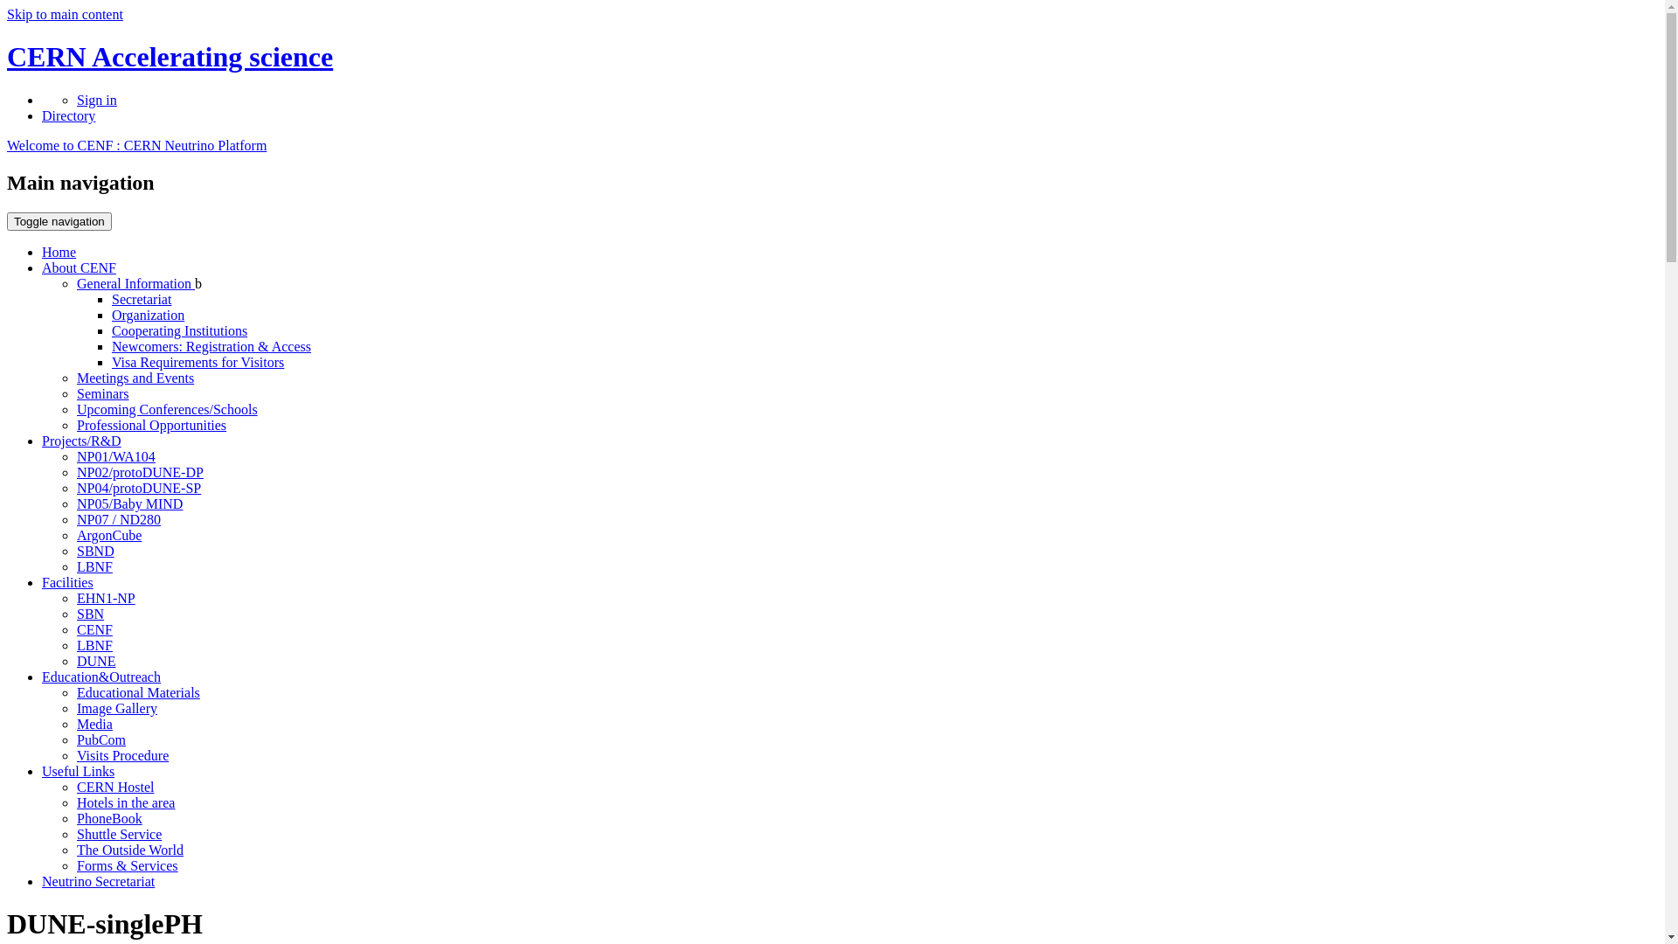 This screenshot has width=1678, height=944. I want to click on 'Directory', so click(68, 115).